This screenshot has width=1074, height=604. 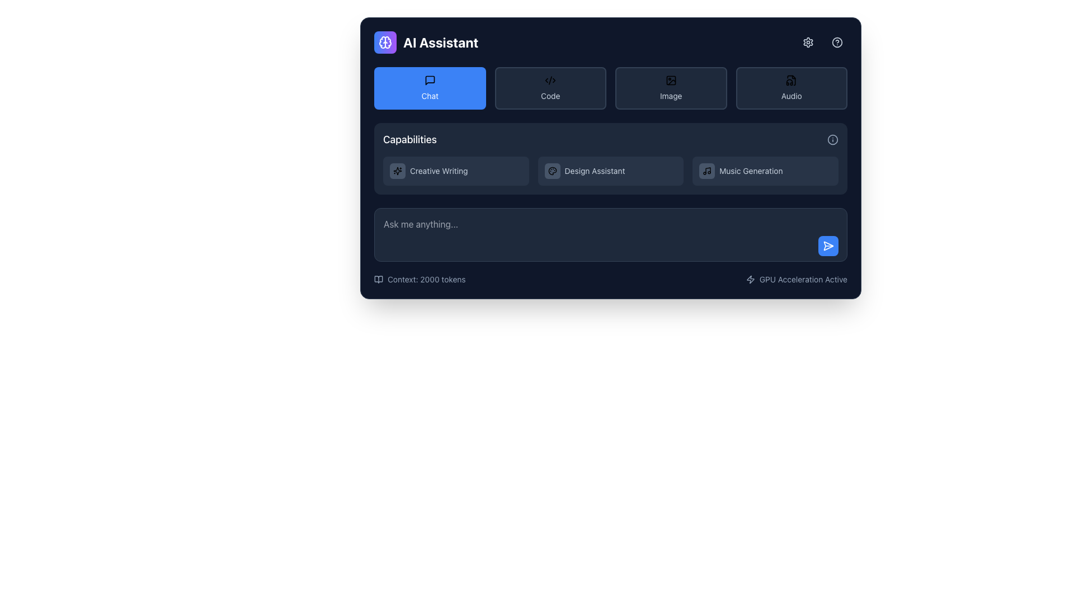 I want to click on properties of the 'Chat' text label that serves as a descriptor for the button, which is located in the top-left section of the interface, so click(x=429, y=96).